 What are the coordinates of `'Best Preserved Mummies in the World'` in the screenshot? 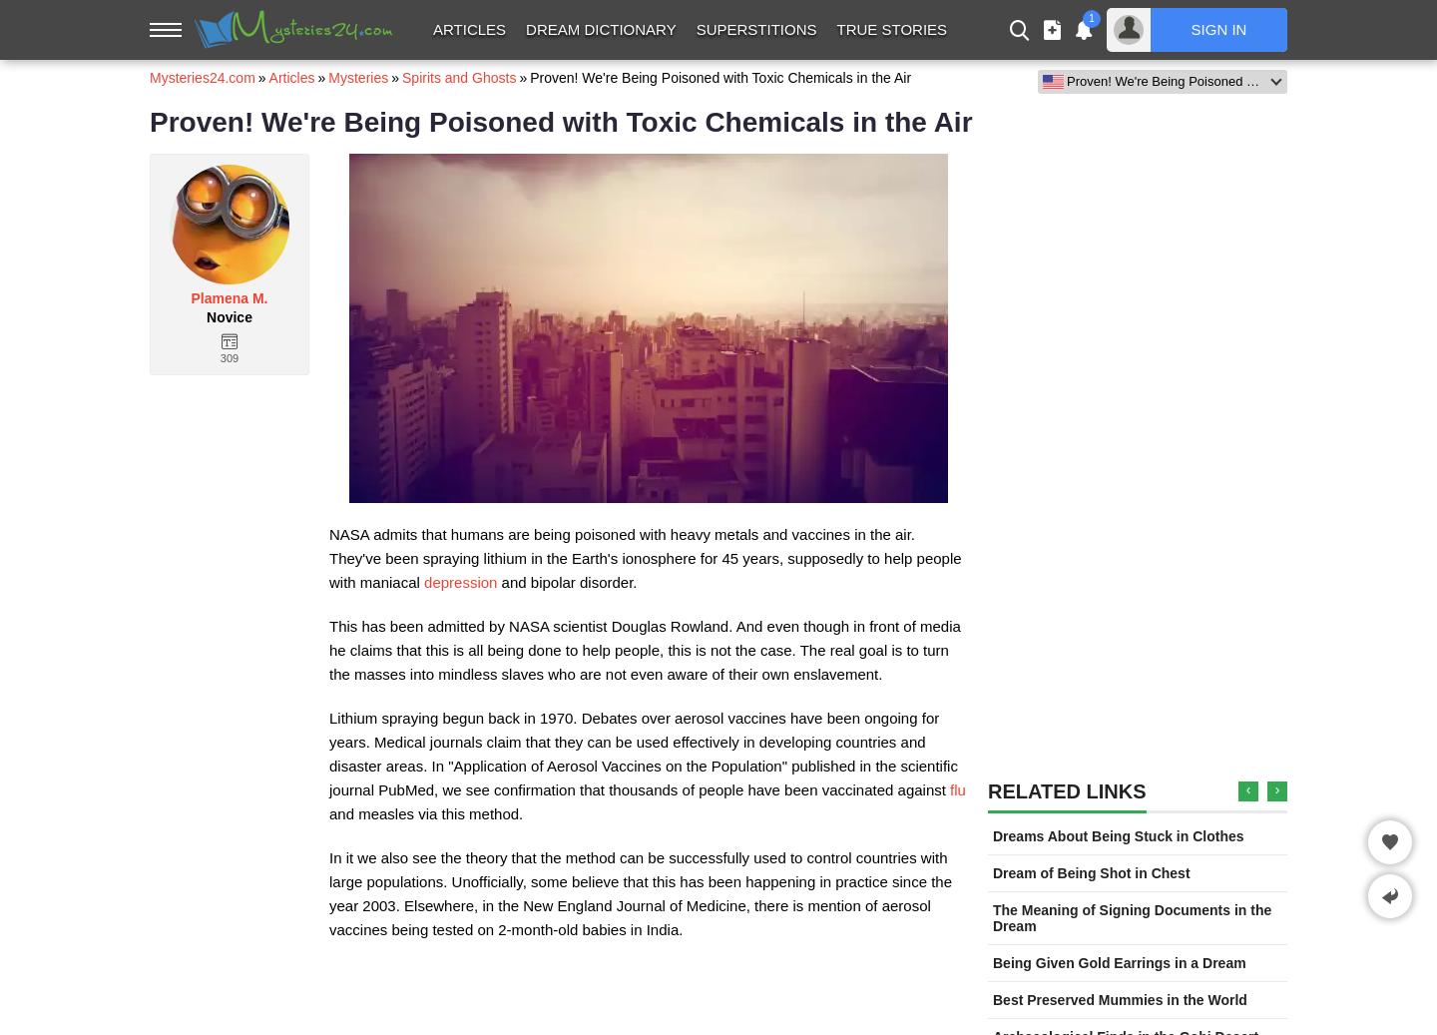 It's located at (1119, 999).